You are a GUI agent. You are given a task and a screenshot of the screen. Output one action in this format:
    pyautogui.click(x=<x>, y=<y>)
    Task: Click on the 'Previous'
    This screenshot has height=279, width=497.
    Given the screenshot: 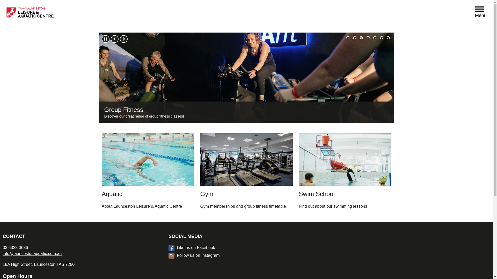 What is the action you would take?
    pyautogui.click(x=114, y=38)
    